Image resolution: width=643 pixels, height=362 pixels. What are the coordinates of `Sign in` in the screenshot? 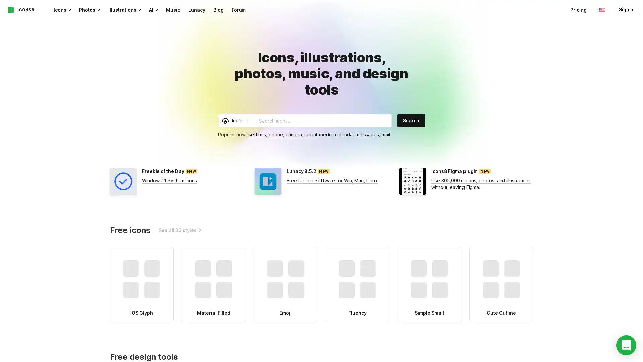 It's located at (626, 10).